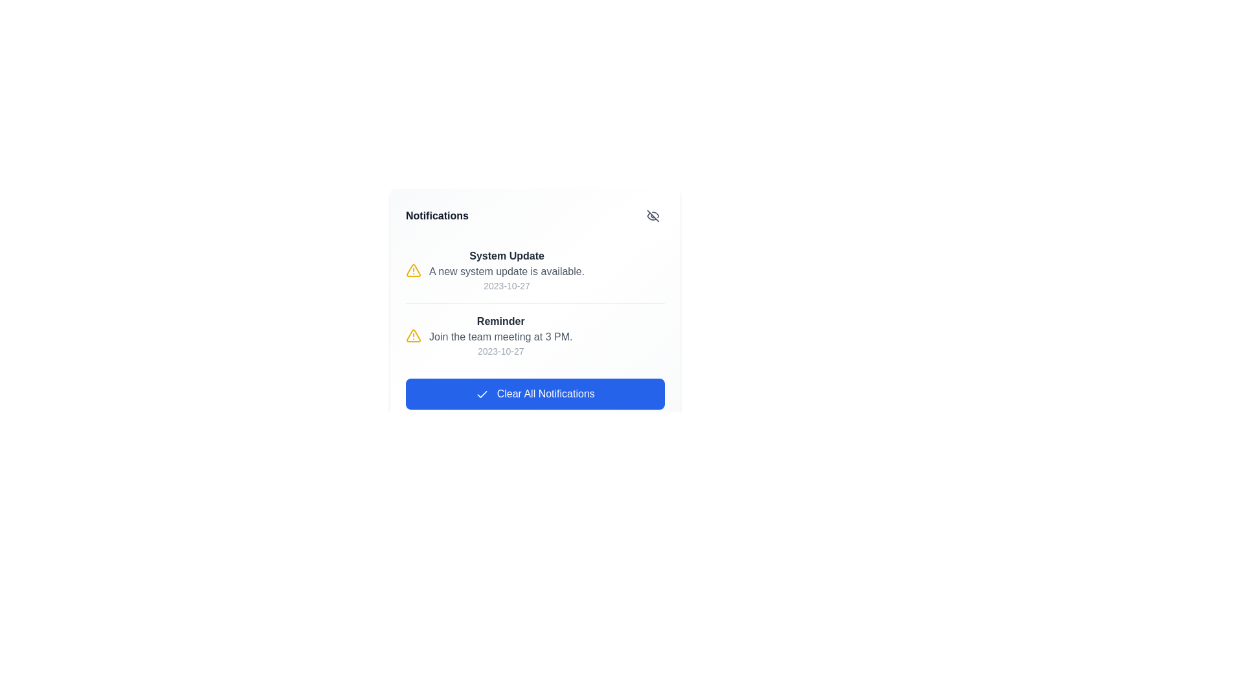 The width and height of the screenshot is (1243, 699). Describe the element at coordinates (535, 394) in the screenshot. I see `the rectangular button with a blue background and white text that reads 'Clear All Notifications'` at that location.